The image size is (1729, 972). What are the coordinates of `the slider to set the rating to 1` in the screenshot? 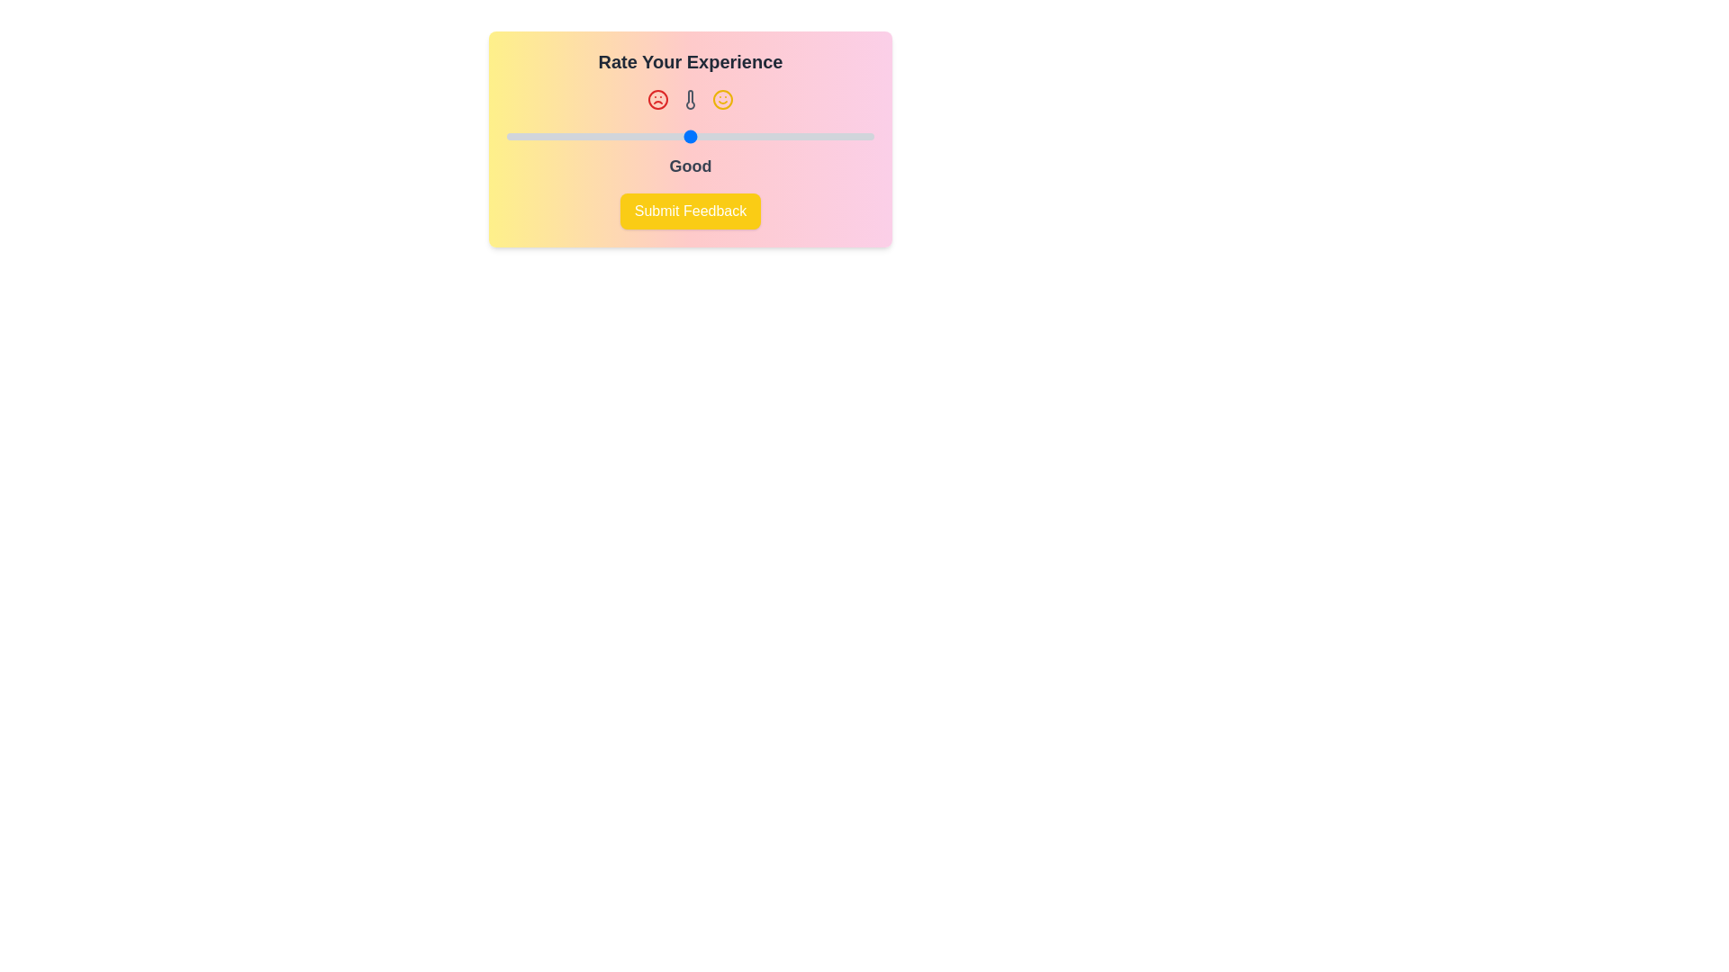 It's located at (505, 135).